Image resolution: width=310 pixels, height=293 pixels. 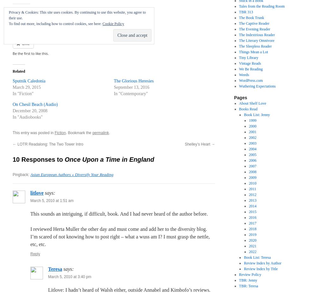 What do you see at coordinates (109, 160) in the screenshot?
I see `'Once Upon a Time in England'` at bounding box center [109, 160].